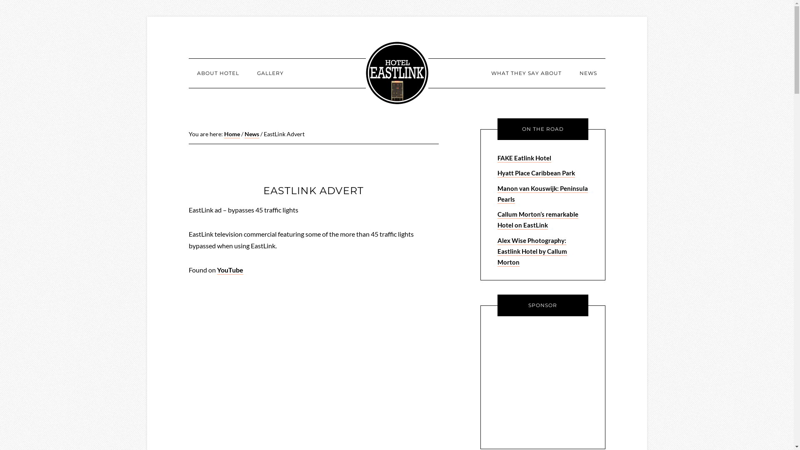 This screenshot has height=450, width=800. What do you see at coordinates (532, 251) in the screenshot?
I see `'Alex Wise Photography: Eastlink Hotel by Callum Morton'` at bounding box center [532, 251].